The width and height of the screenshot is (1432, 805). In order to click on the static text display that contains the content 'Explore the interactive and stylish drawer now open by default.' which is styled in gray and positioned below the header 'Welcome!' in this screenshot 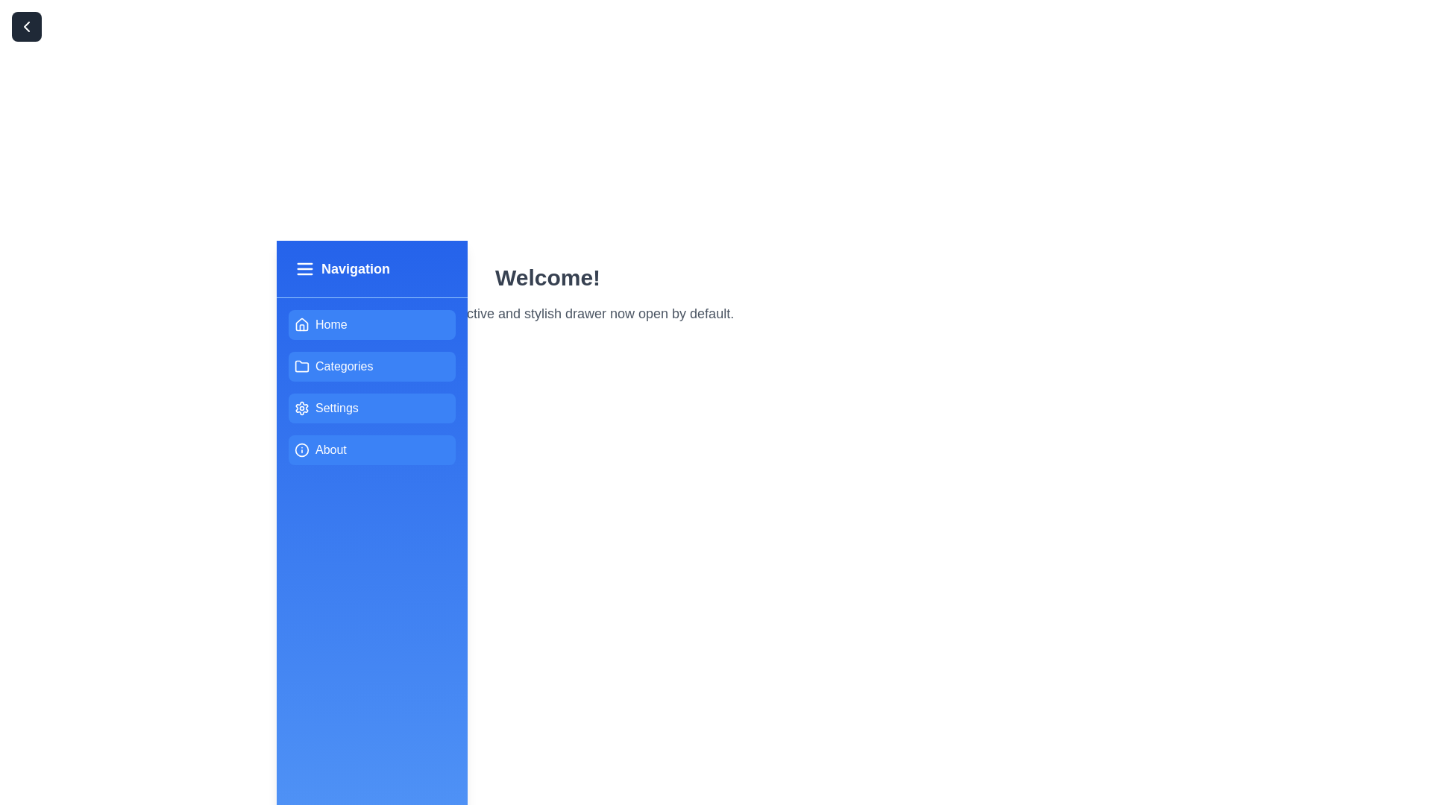, I will do `click(547, 312)`.